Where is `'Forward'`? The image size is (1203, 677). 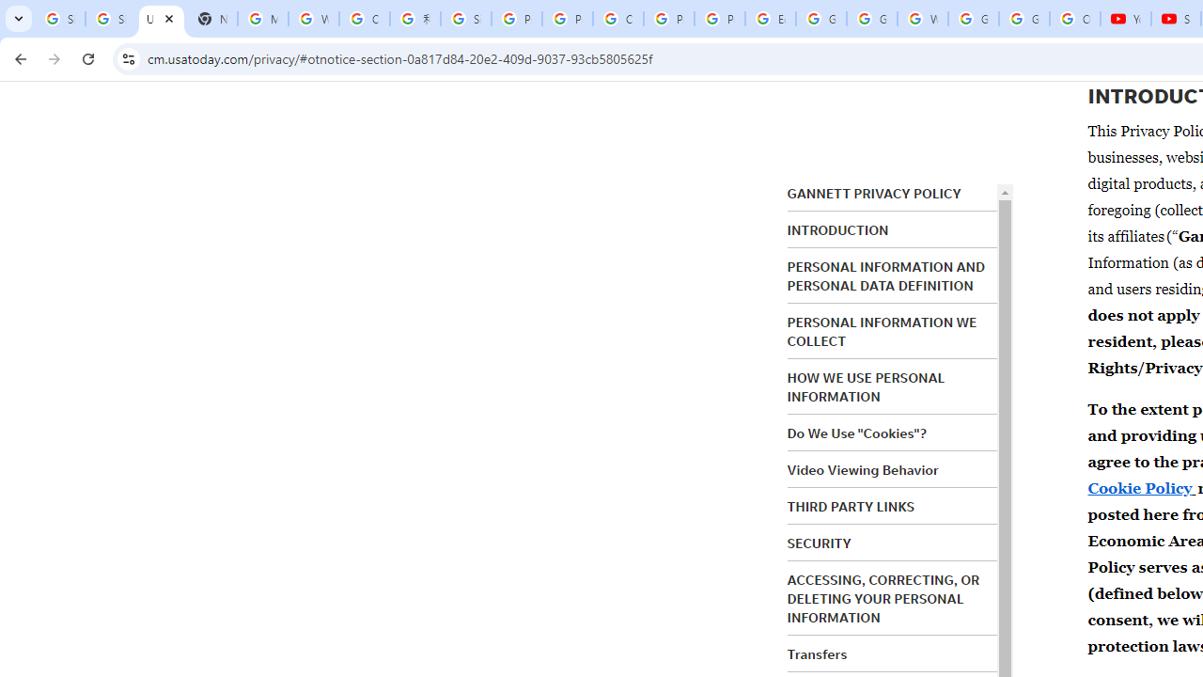 'Forward' is located at coordinates (55, 57).